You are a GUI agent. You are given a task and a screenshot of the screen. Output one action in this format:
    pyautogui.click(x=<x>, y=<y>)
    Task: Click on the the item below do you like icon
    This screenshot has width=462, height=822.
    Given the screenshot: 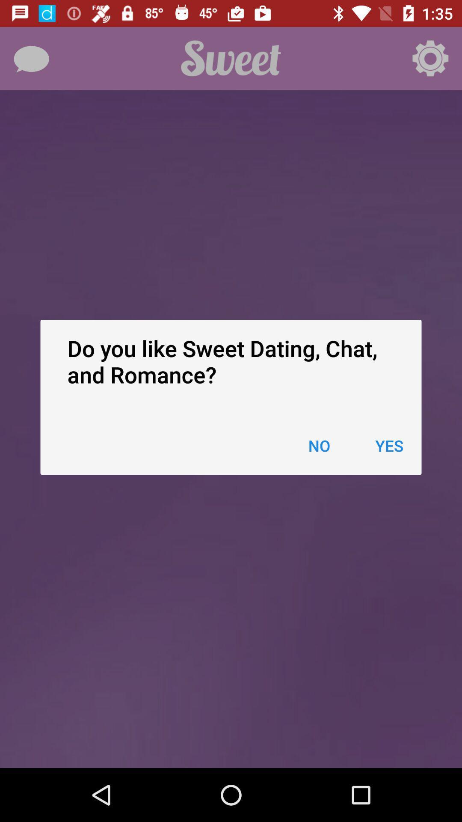 What is the action you would take?
    pyautogui.click(x=319, y=445)
    